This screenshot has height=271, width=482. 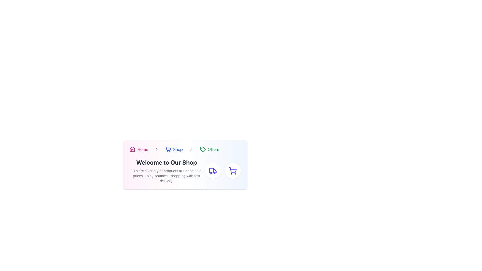 What do you see at coordinates (213, 171) in the screenshot?
I see `the delivery icon button located within the circular control on the right-hand side of the welcome panel` at bounding box center [213, 171].